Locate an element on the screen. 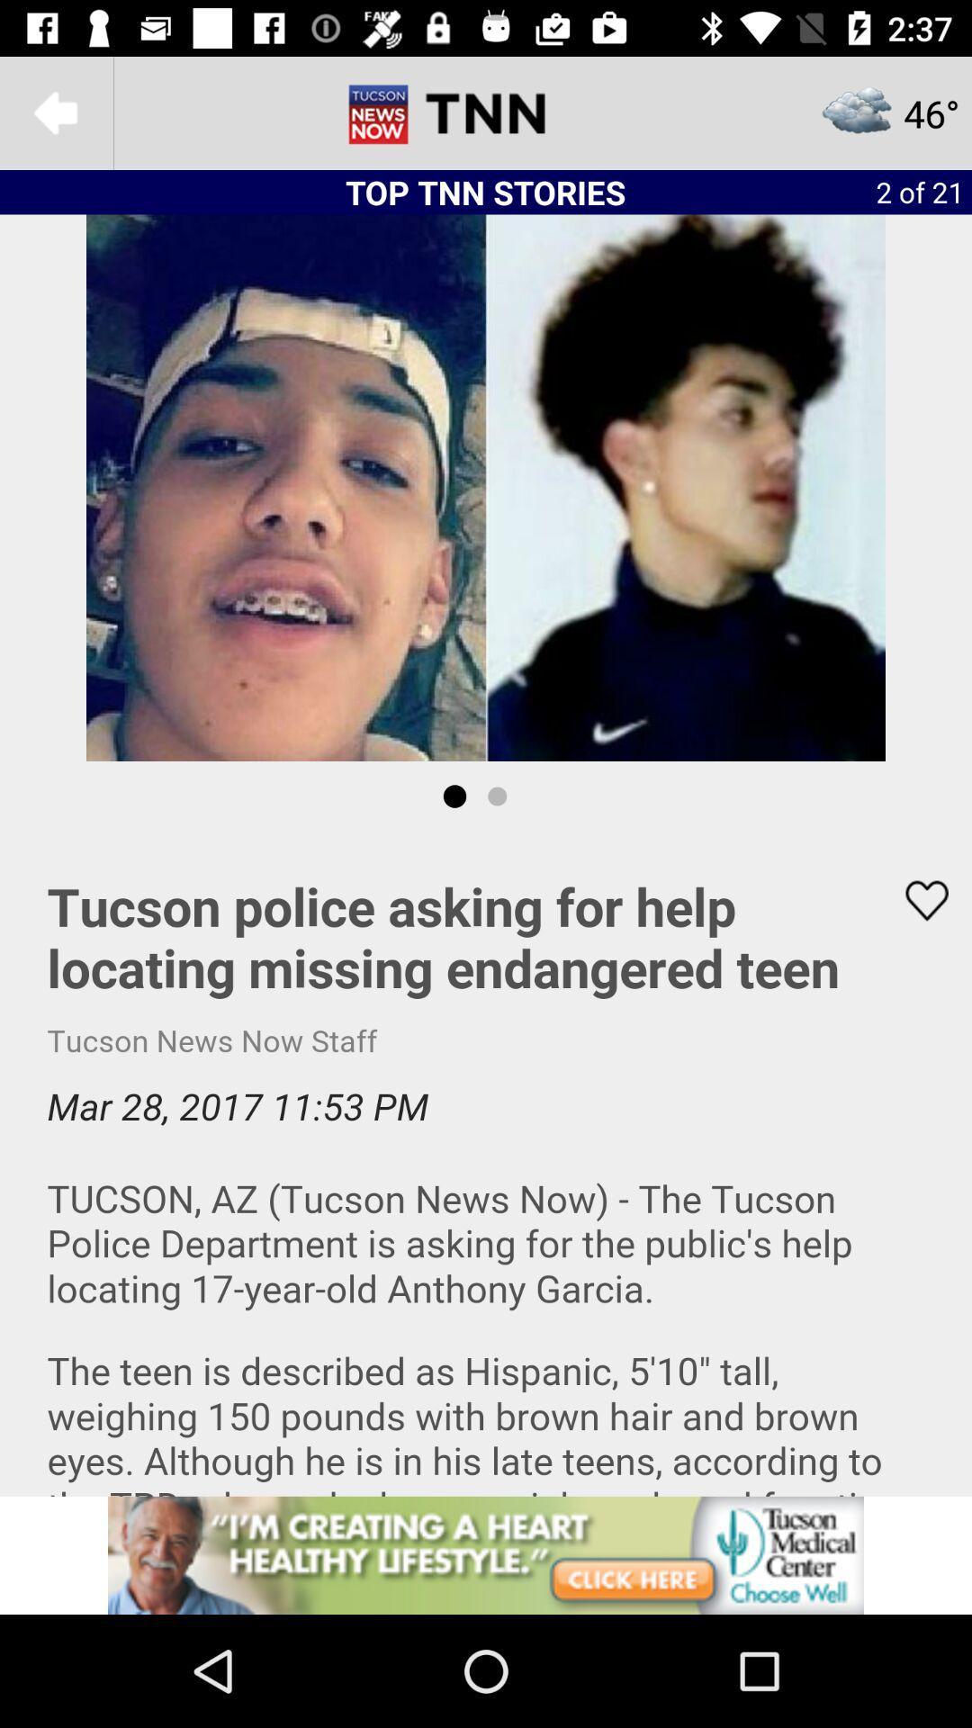  home page is located at coordinates (486, 112).